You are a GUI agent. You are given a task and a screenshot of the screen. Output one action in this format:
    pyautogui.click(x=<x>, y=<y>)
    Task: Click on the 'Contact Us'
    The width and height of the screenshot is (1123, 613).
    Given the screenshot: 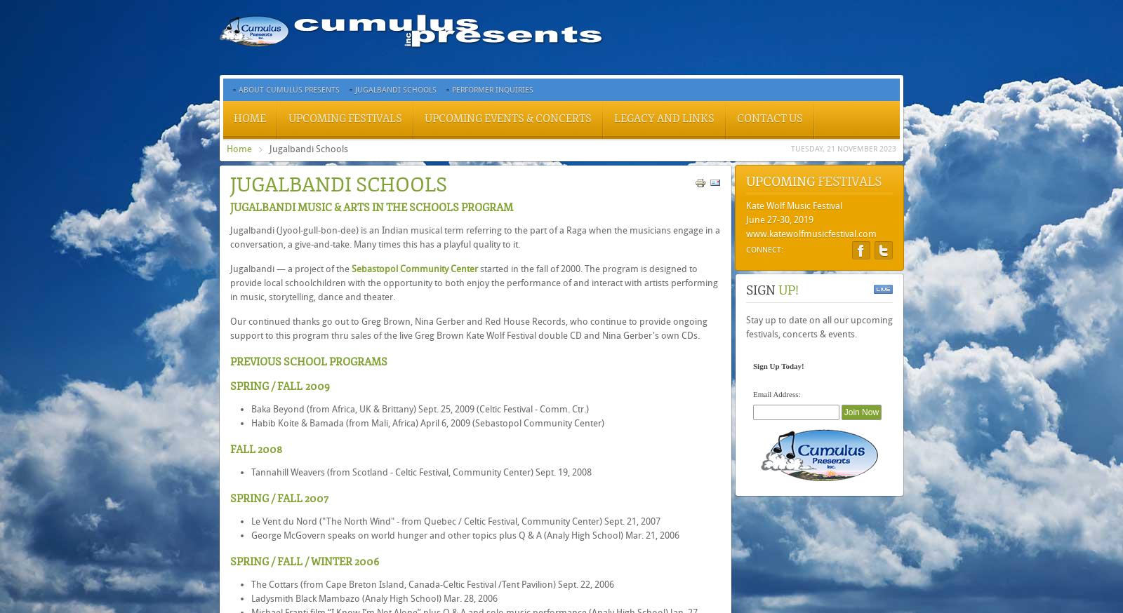 What is the action you would take?
    pyautogui.click(x=769, y=118)
    